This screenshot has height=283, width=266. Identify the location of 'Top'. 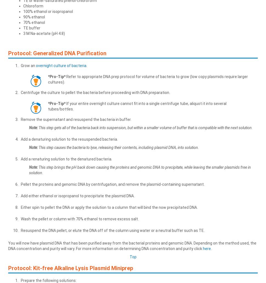
(132, 257).